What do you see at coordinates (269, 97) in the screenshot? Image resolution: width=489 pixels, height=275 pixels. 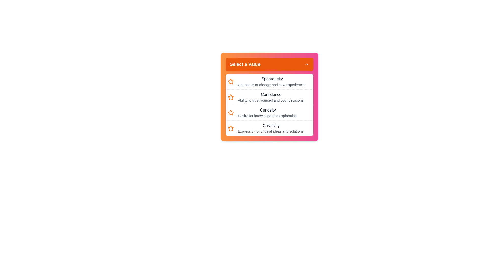 I see `the second option in the selectable list, labeled 'Confidence'` at bounding box center [269, 97].